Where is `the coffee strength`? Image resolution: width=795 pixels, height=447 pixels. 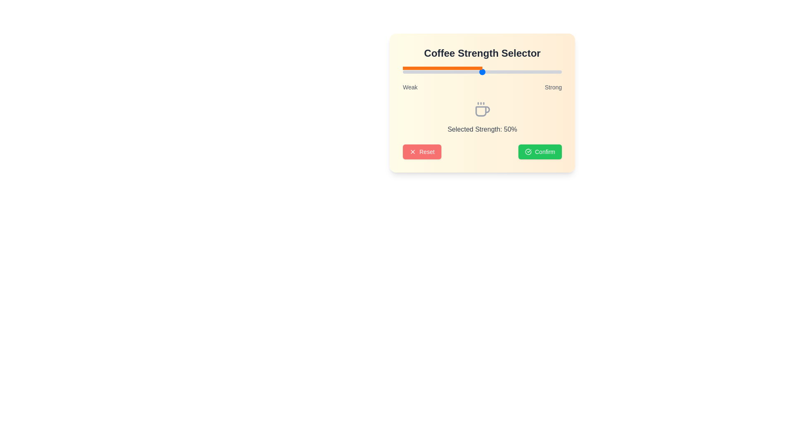
the coffee strength is located at coordinates (470, 71).